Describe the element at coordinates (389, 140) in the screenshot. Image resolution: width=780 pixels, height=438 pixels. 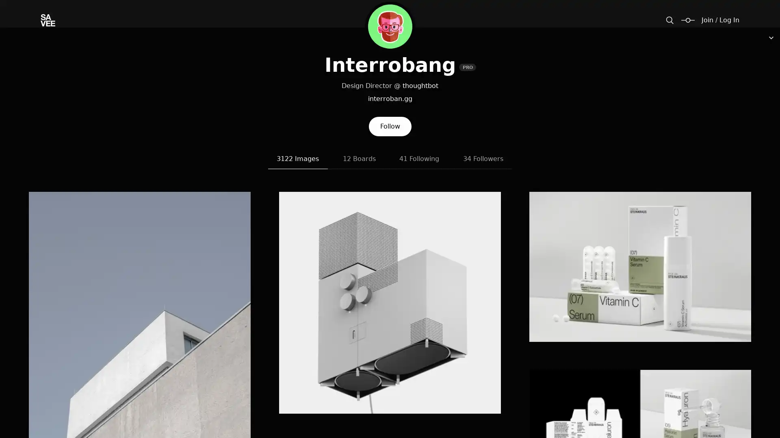
I see `Follow` at that location.